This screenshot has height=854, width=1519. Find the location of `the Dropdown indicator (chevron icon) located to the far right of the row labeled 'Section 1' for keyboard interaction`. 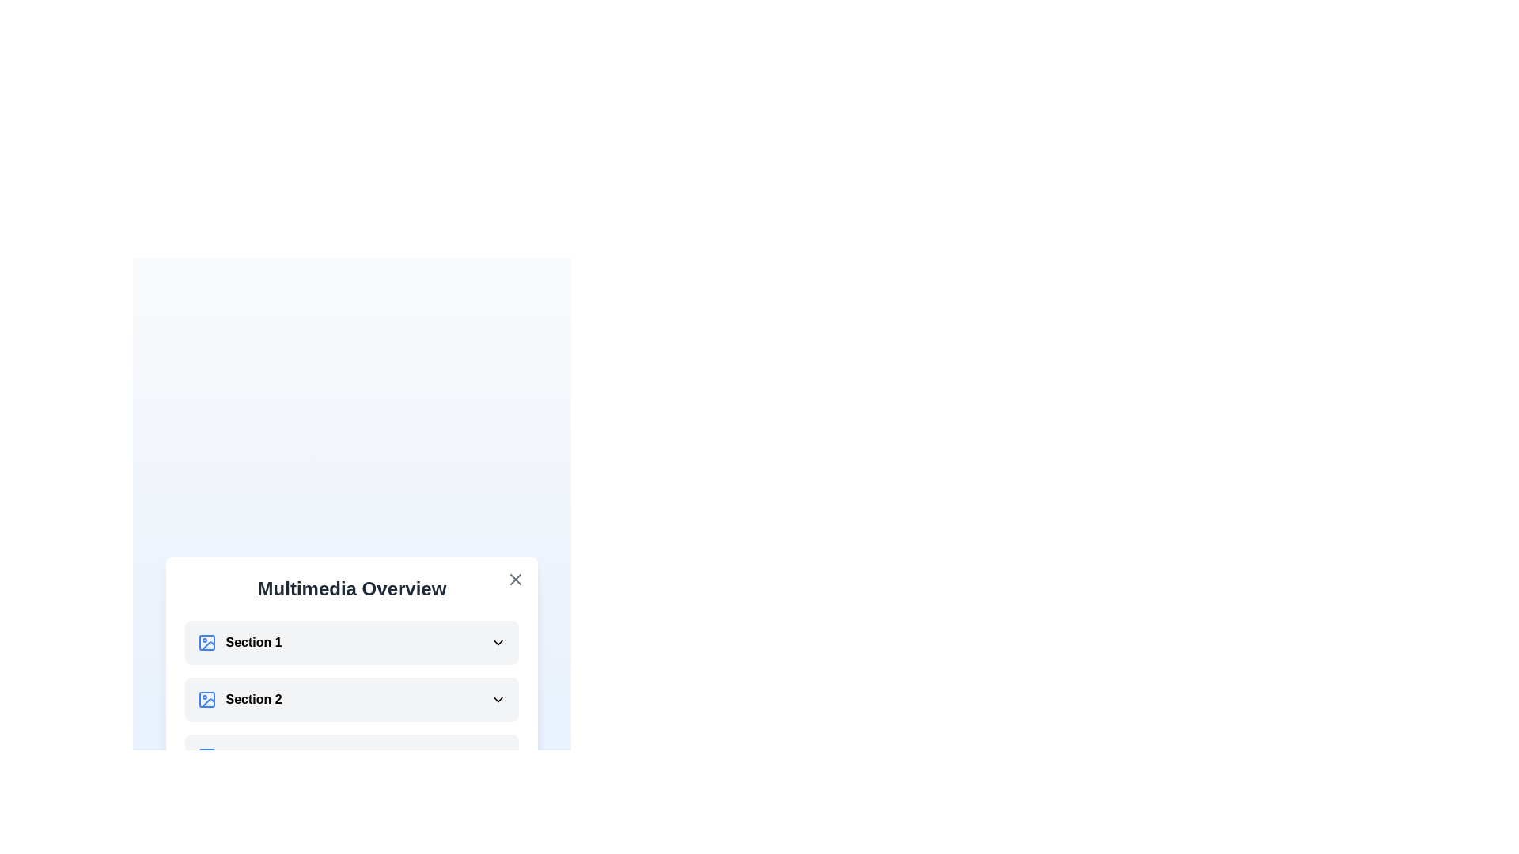

the Dropdown indicator (chevron icon) located to the far right of the row labeled 'Section 1' for keyboard interaction is located at coordinates (498, 643).